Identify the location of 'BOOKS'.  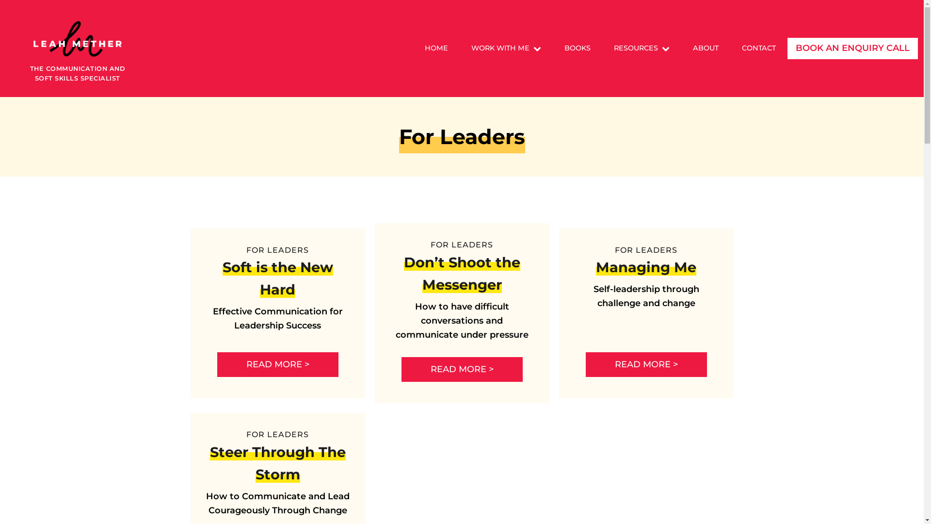
(577, 48).